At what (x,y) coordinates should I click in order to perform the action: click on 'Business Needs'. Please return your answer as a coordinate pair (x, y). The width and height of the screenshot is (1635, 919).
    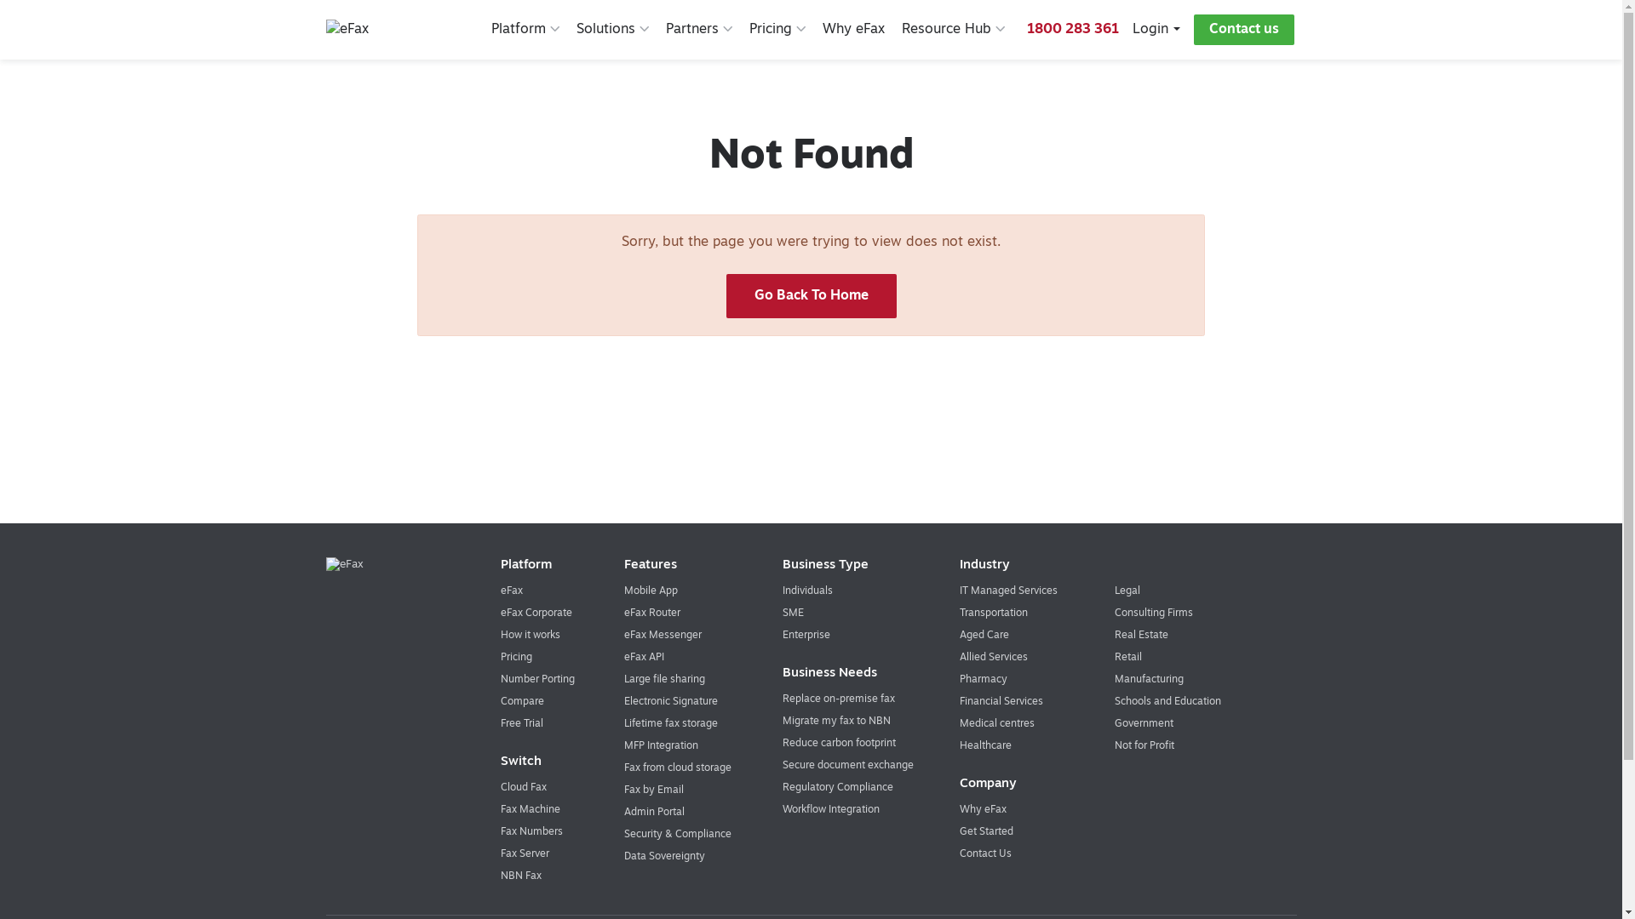
    Looking at the image, I should click on (852, 672).